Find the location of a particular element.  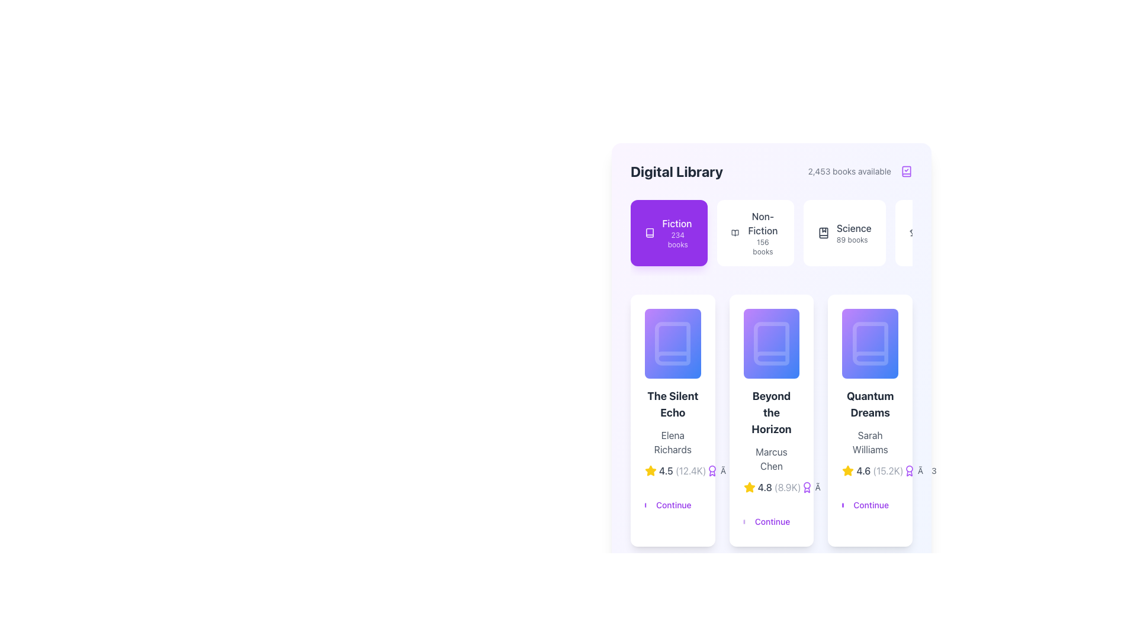

the 'Fiction' category title text label is located at coordinates (677, 224).